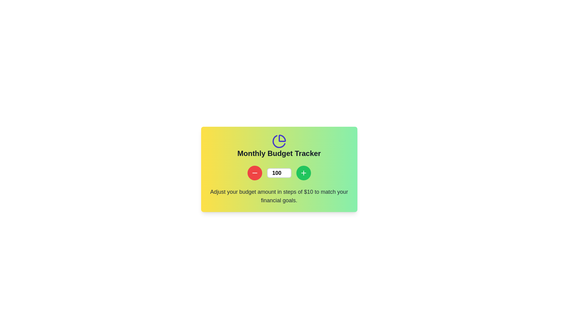 The image size is (586, 329). I want to click on the increment button located to the right of the input field displaying '100' to increase its value, so click(303, 173).